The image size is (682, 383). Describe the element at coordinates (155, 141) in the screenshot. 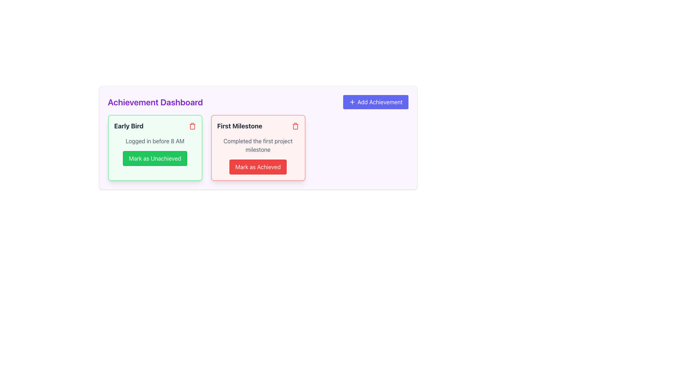

I see `the static text label displaying 'Logged in before 8 AM', which is located within the 'Early Bird' achievement card, positioned between the title 'Early Bird' and the button 'Mark as Unachieved'` at that location.